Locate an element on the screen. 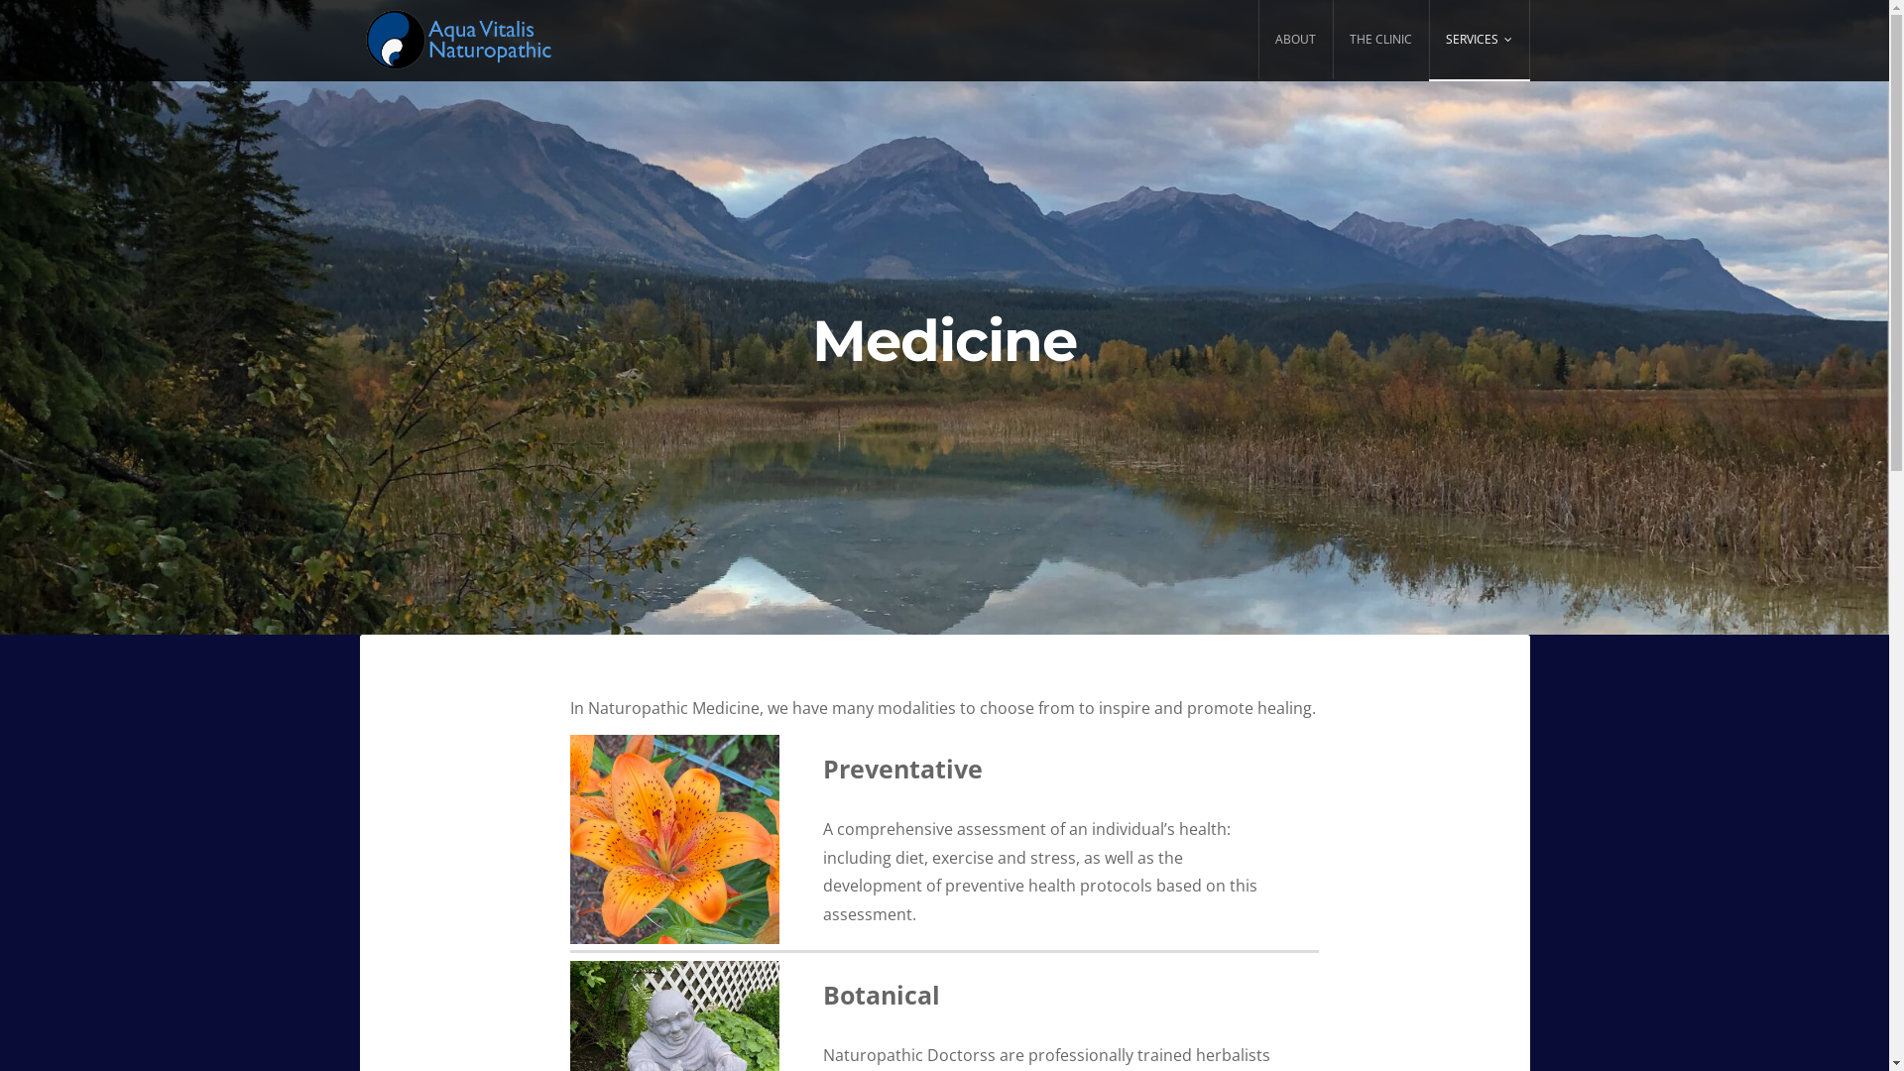 The height and width of the screenshot is (1071, 1904). 'SERVICES' is located at coordinates (1480, 39).